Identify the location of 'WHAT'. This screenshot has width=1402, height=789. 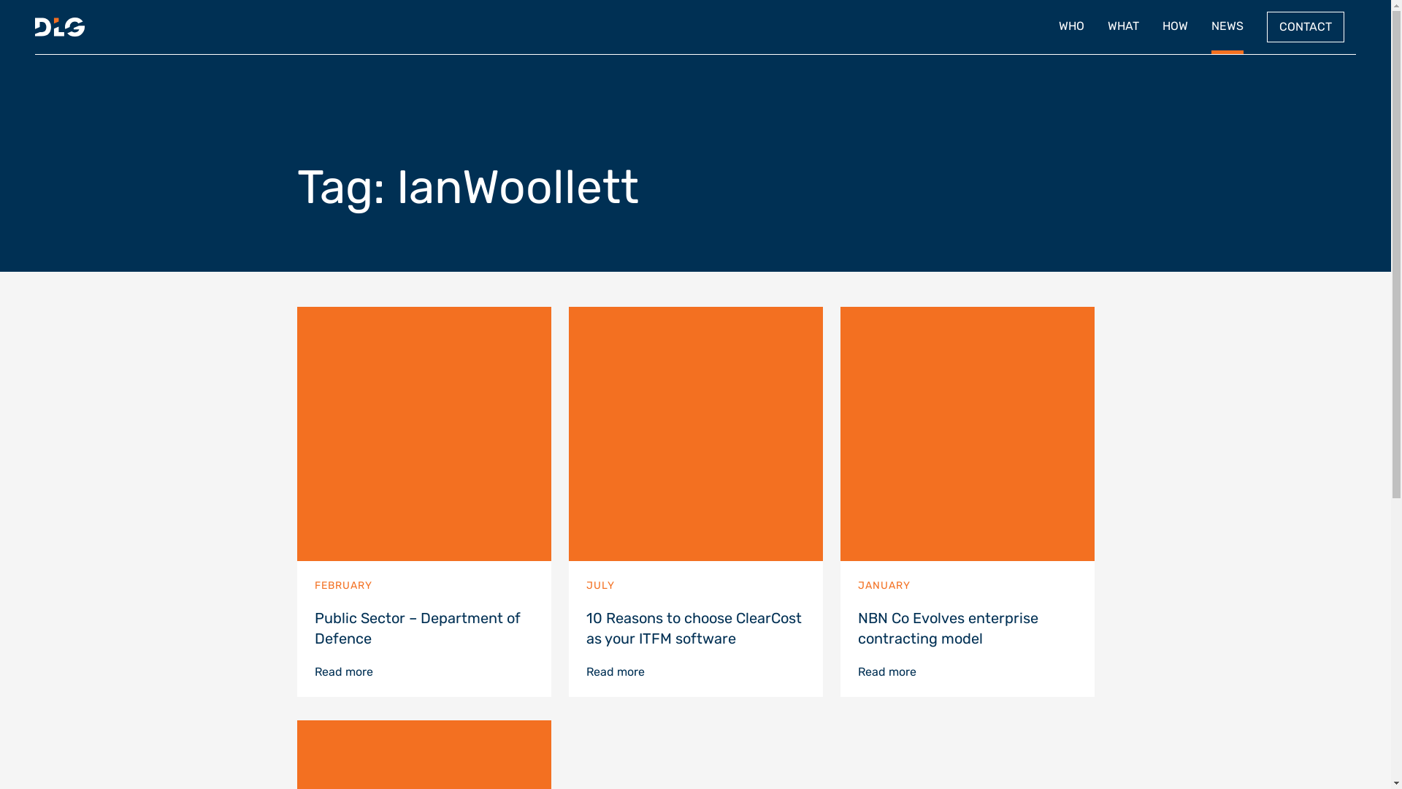
(1122, 27).